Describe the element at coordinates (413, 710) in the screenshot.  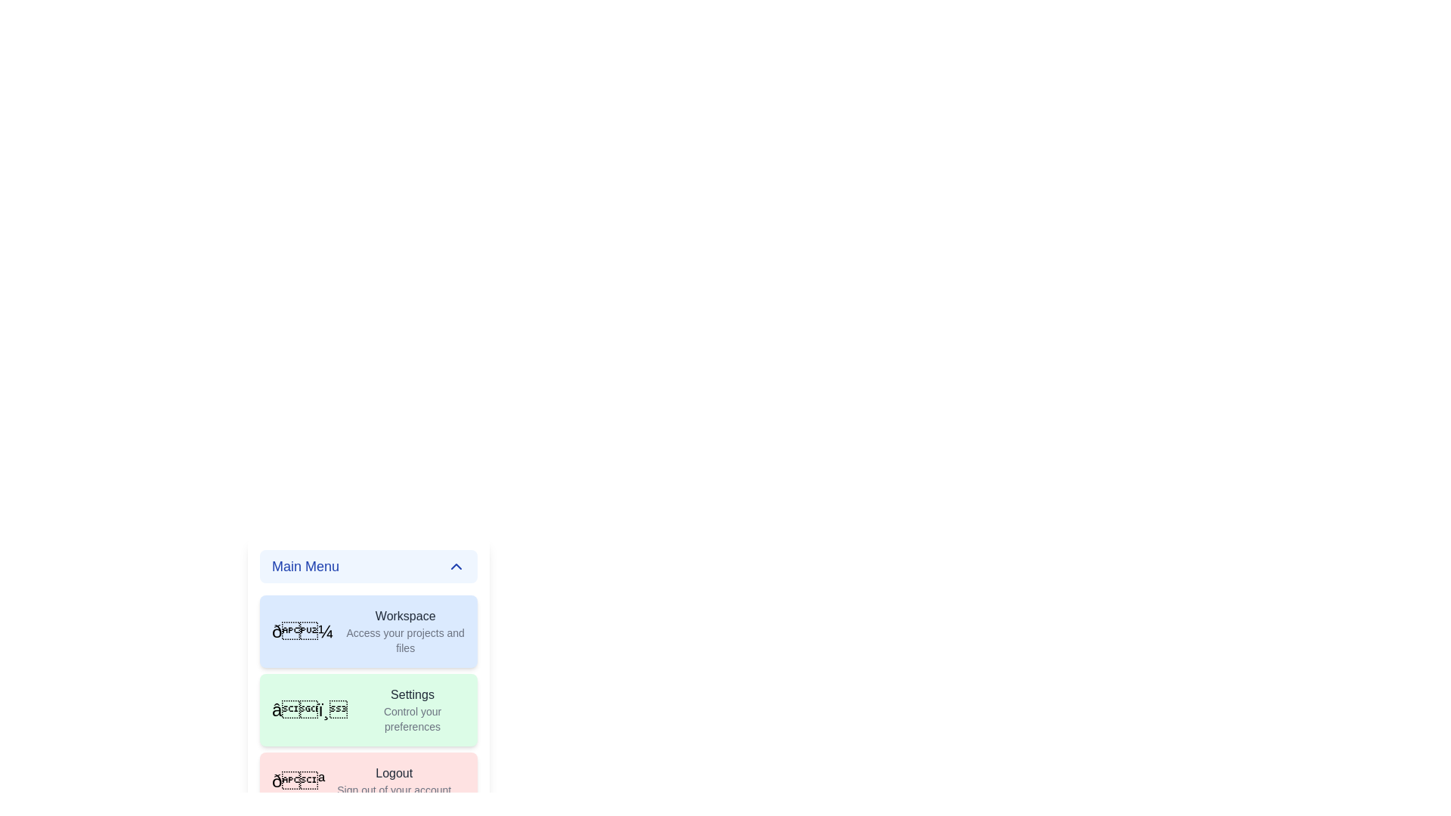
I see `the 'Settings' informational item with a light green background for more details` at that location.